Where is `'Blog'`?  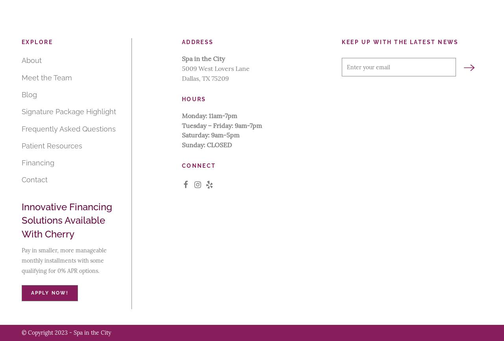 'Blog' is located at coordinates (29, 94).